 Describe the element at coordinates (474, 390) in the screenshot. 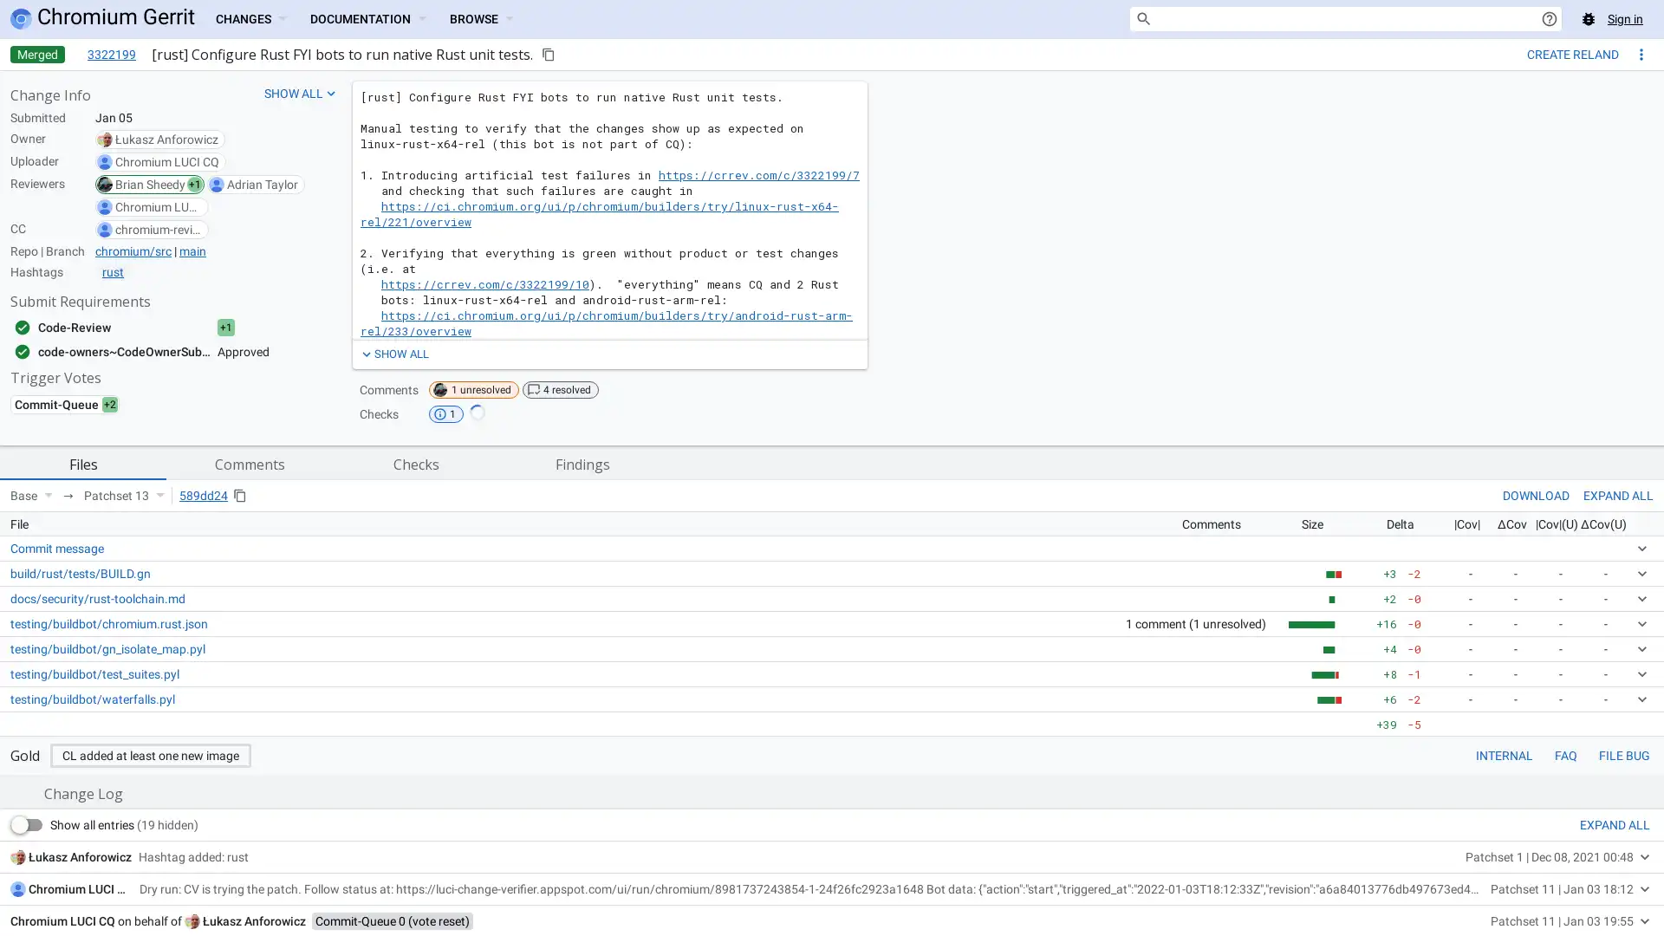

I see `1 unresolved` at that location.